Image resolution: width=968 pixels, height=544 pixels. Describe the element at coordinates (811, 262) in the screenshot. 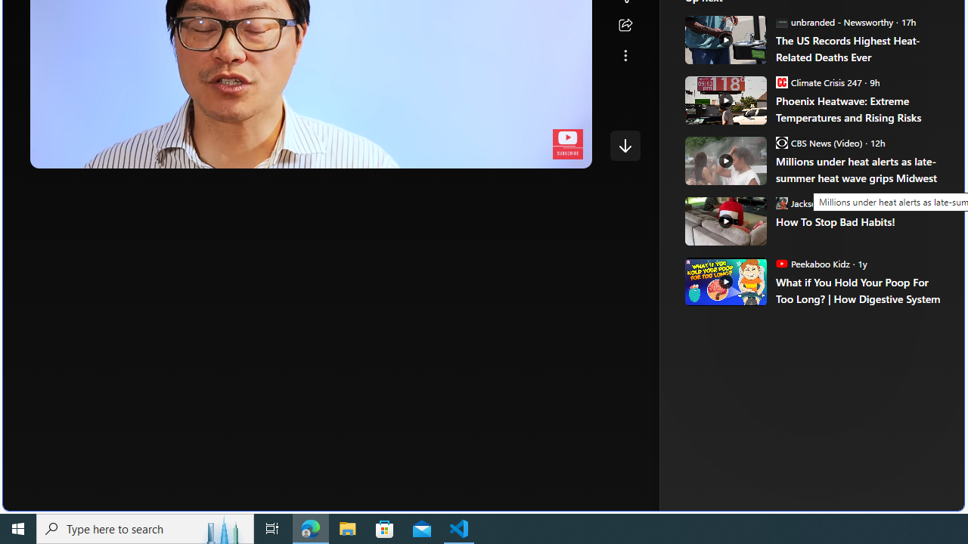

I see `'Peekaboo Kidz Peekaboo Kidz'` at that location.